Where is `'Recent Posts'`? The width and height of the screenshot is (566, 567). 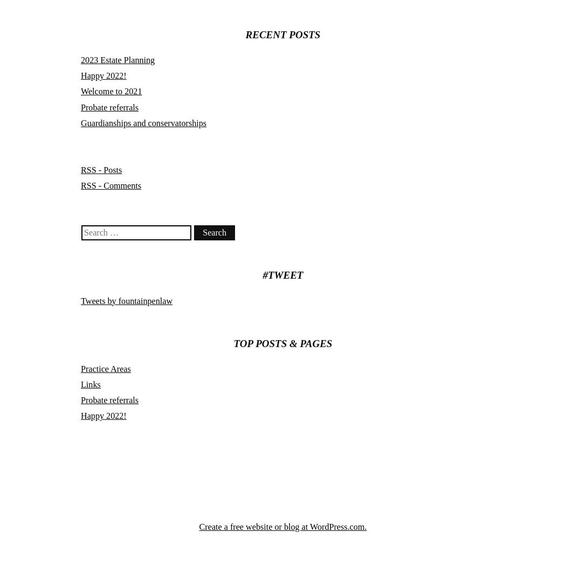 'Recent Posts' is located at coordinates (282, 33).